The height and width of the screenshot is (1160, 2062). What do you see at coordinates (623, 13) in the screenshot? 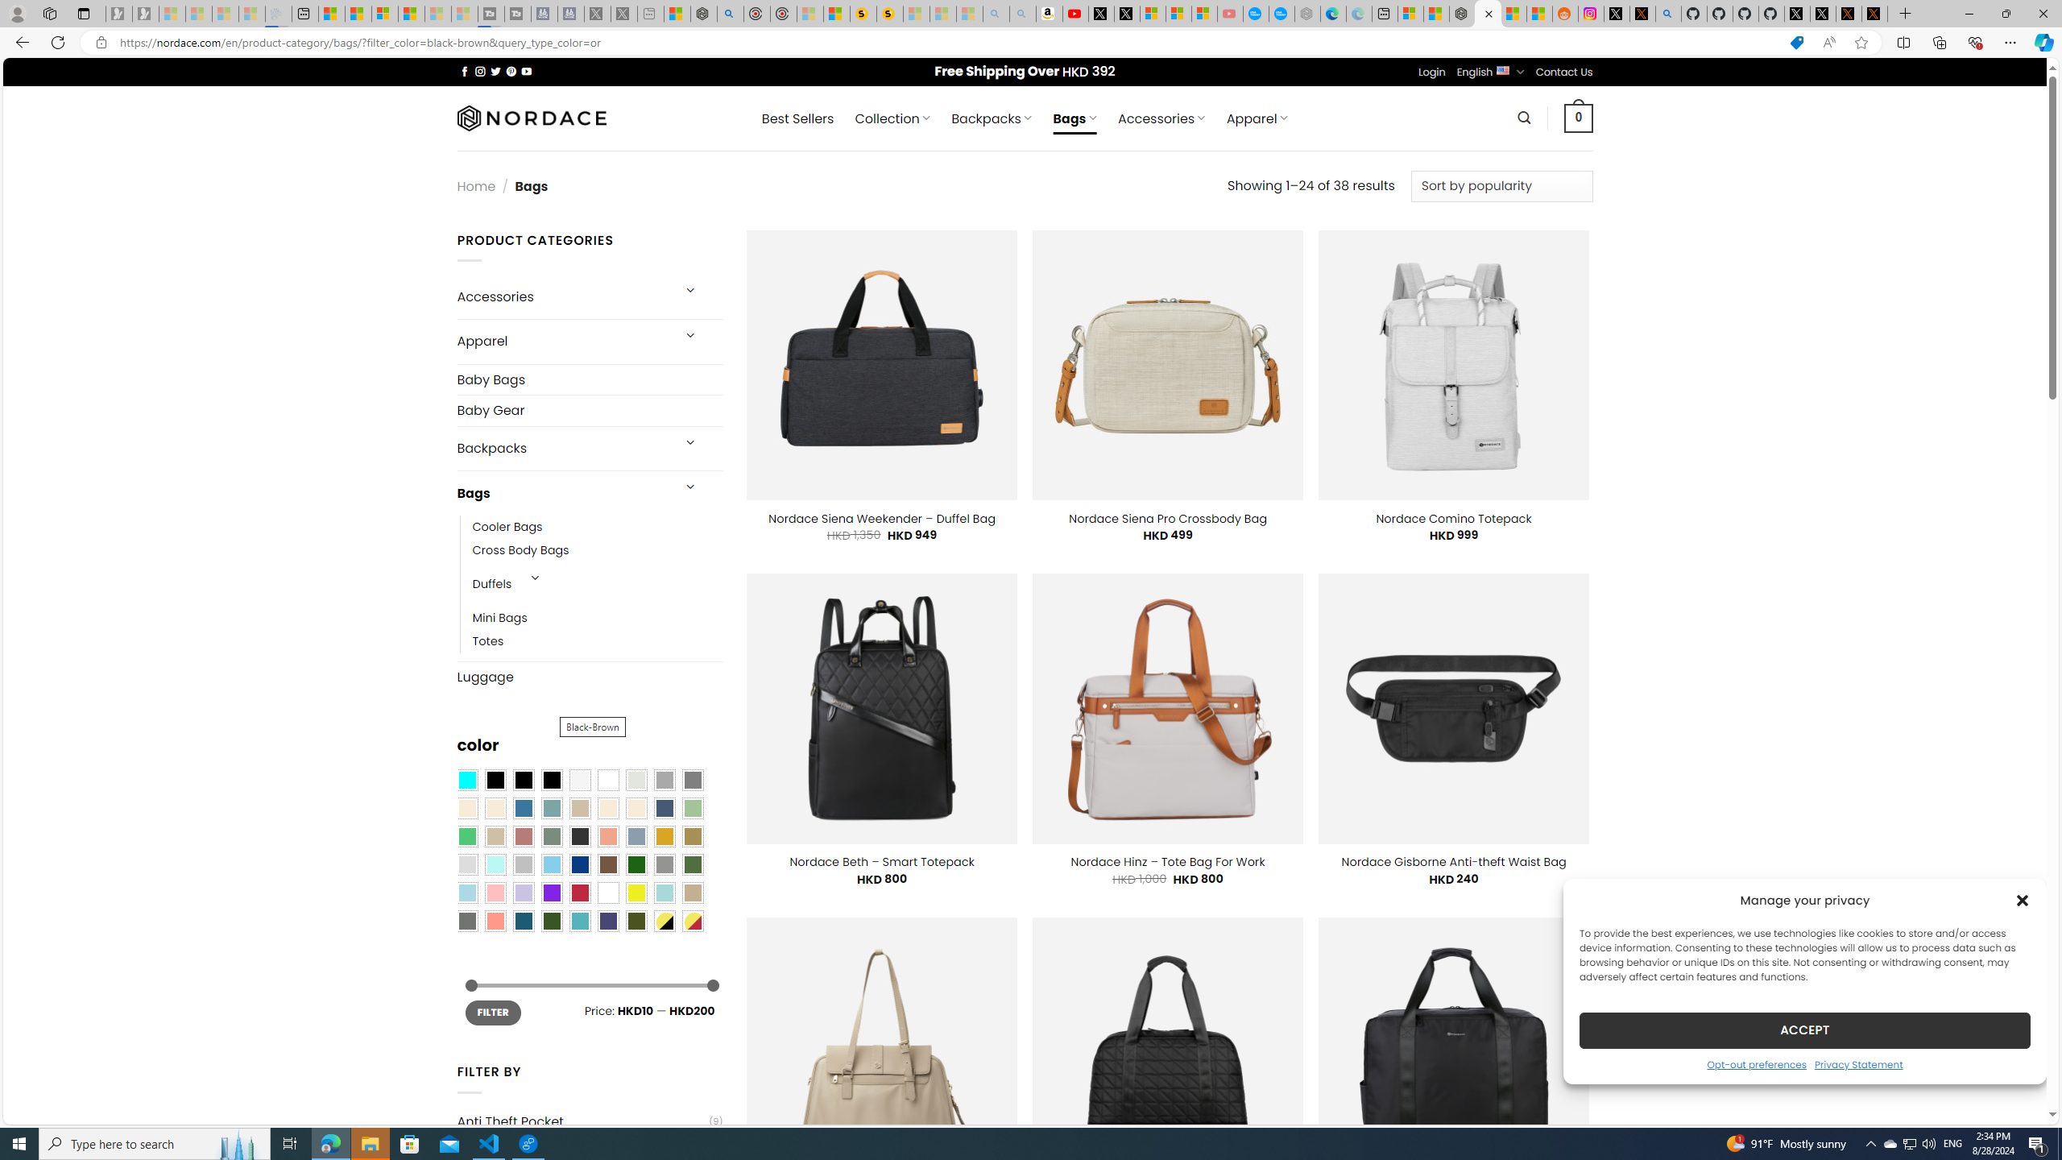
I see `'X - Sleeping'` at bounding box center [623, 13].